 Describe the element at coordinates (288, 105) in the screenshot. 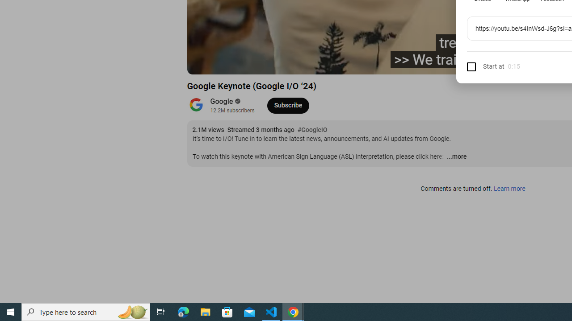

I see `'Subscribe to Google.'` at that location.